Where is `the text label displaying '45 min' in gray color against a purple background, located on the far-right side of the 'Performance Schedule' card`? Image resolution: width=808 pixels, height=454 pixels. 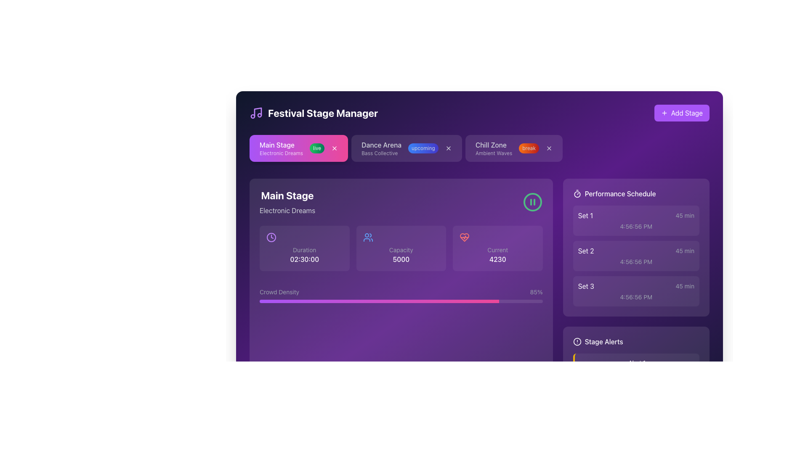
the text label displaying '45 min' in gray color against a purple background, located on the far-right side of the 'Performance Schedule' card is located at coordinates (685, 286).